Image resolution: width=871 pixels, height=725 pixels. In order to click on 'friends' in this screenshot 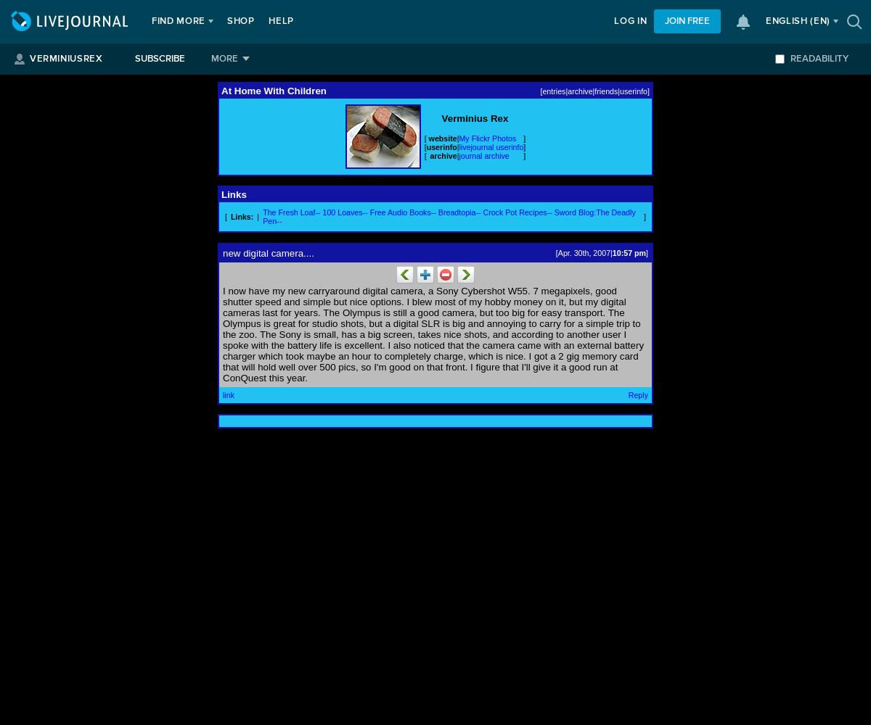, I will do `click(605, 91)`.